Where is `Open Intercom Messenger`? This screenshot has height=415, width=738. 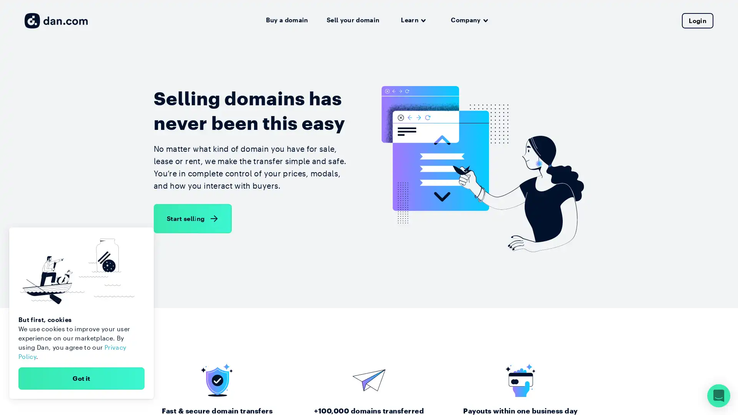 Open Intercom Messenger is located at coordinates (718, 395).